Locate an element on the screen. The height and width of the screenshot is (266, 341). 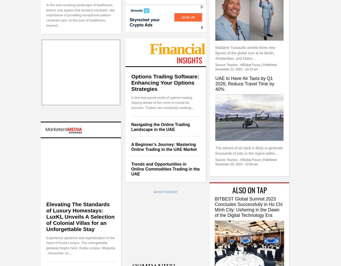
'BITBEST Global Summit 2023 Concludes Successfully in Ho Chi Minh City: Ushering in the Dawn of the Digital Technology Era' is located at coordinates (248, 207).